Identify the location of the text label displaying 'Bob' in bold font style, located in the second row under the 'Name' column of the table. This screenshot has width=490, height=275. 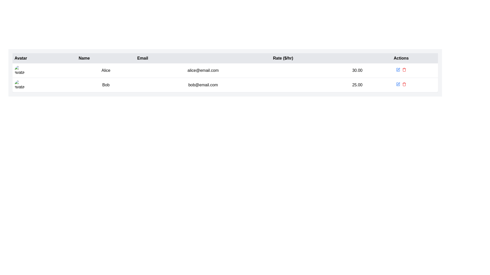
(106, 85).